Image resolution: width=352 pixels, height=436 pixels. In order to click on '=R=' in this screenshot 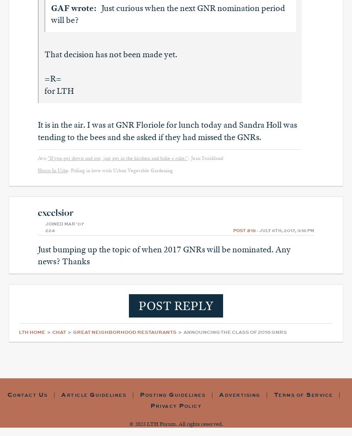, I will do `click(52, 78)`.